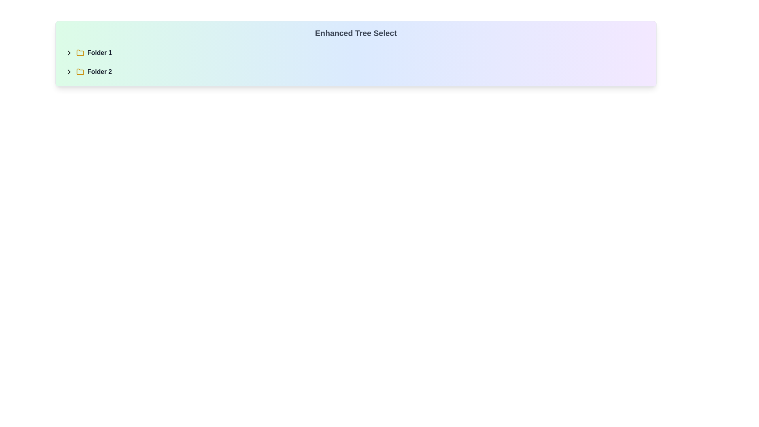 The image size is (759, 427). What do you see at coordinates (69, 53) in the screenshot?
I see `the Chevron expand/collapse toggle button for 'Folder 1'` at bounding box center [69, 53].